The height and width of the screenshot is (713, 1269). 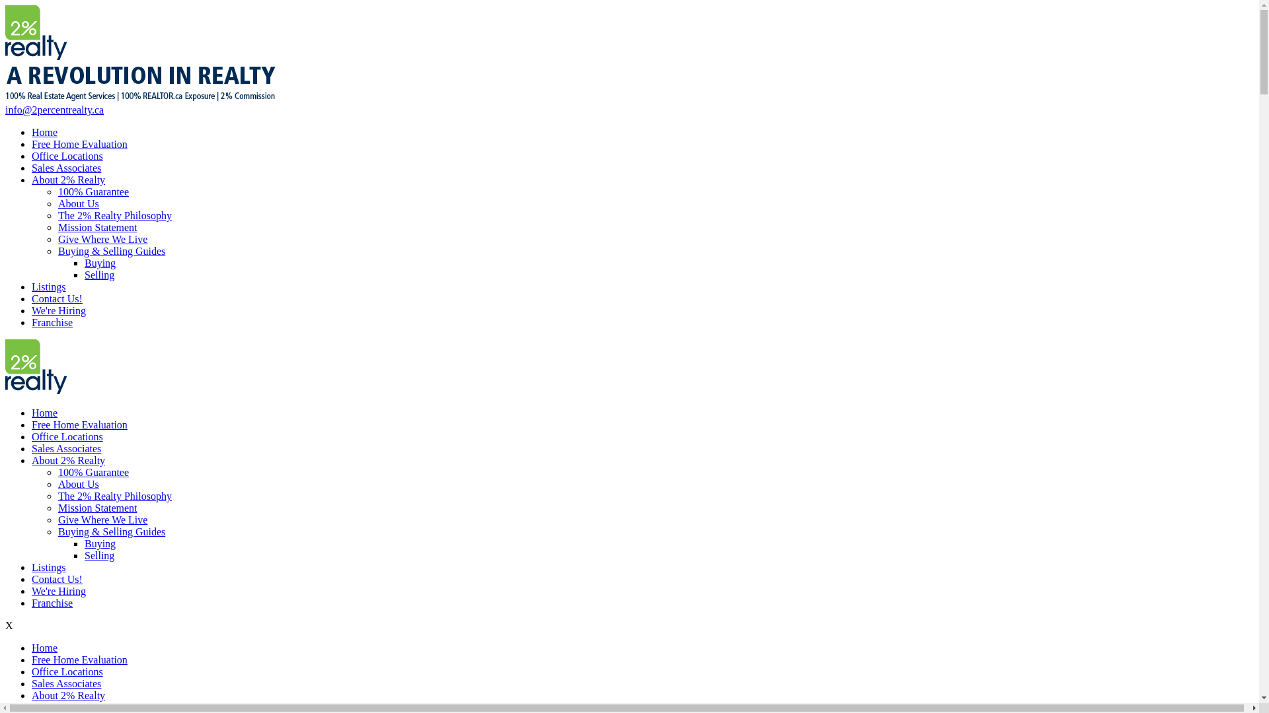 I want to click on 'About 2% Realty', so click(x=67, y=459).